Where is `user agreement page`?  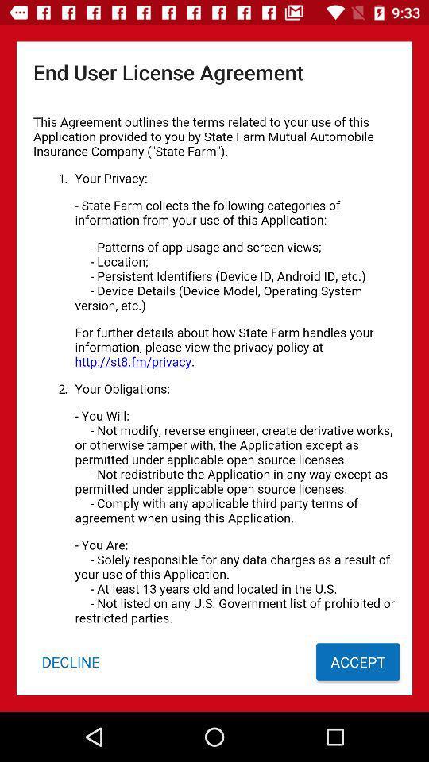 user agreement page is located at coordinates (214, 365).